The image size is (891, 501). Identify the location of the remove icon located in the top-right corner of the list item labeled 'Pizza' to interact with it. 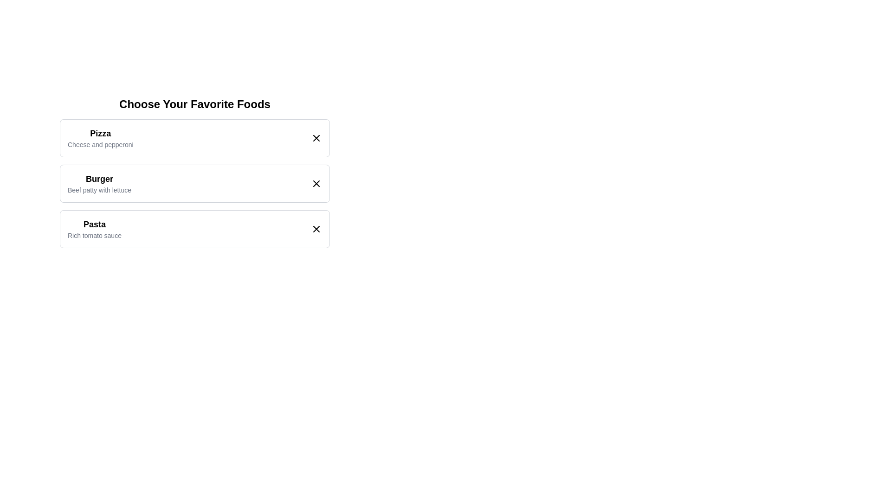
(316, 138).